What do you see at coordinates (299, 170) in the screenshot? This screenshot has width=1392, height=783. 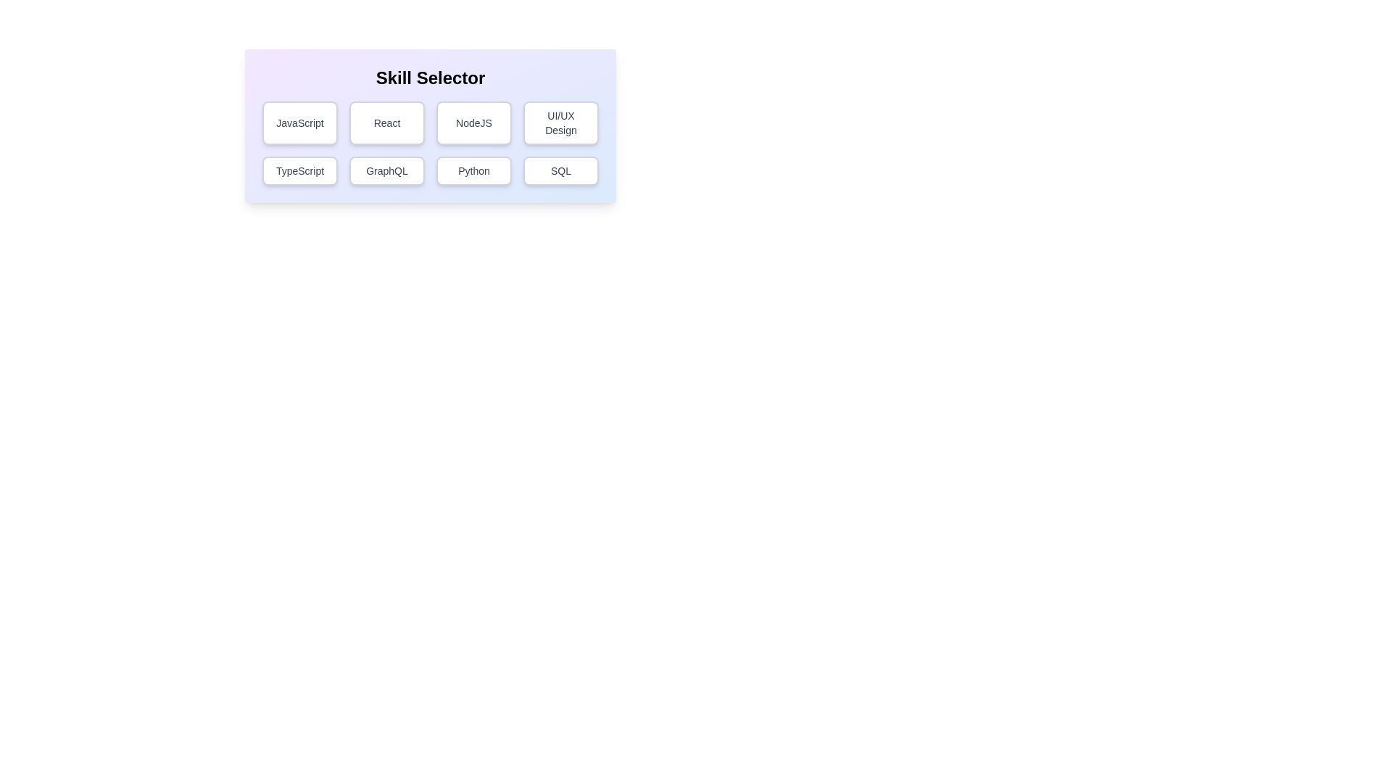 I see `the button corresponding to the skill TypeScript to toggle its selection` at bounding box center [299, 170].